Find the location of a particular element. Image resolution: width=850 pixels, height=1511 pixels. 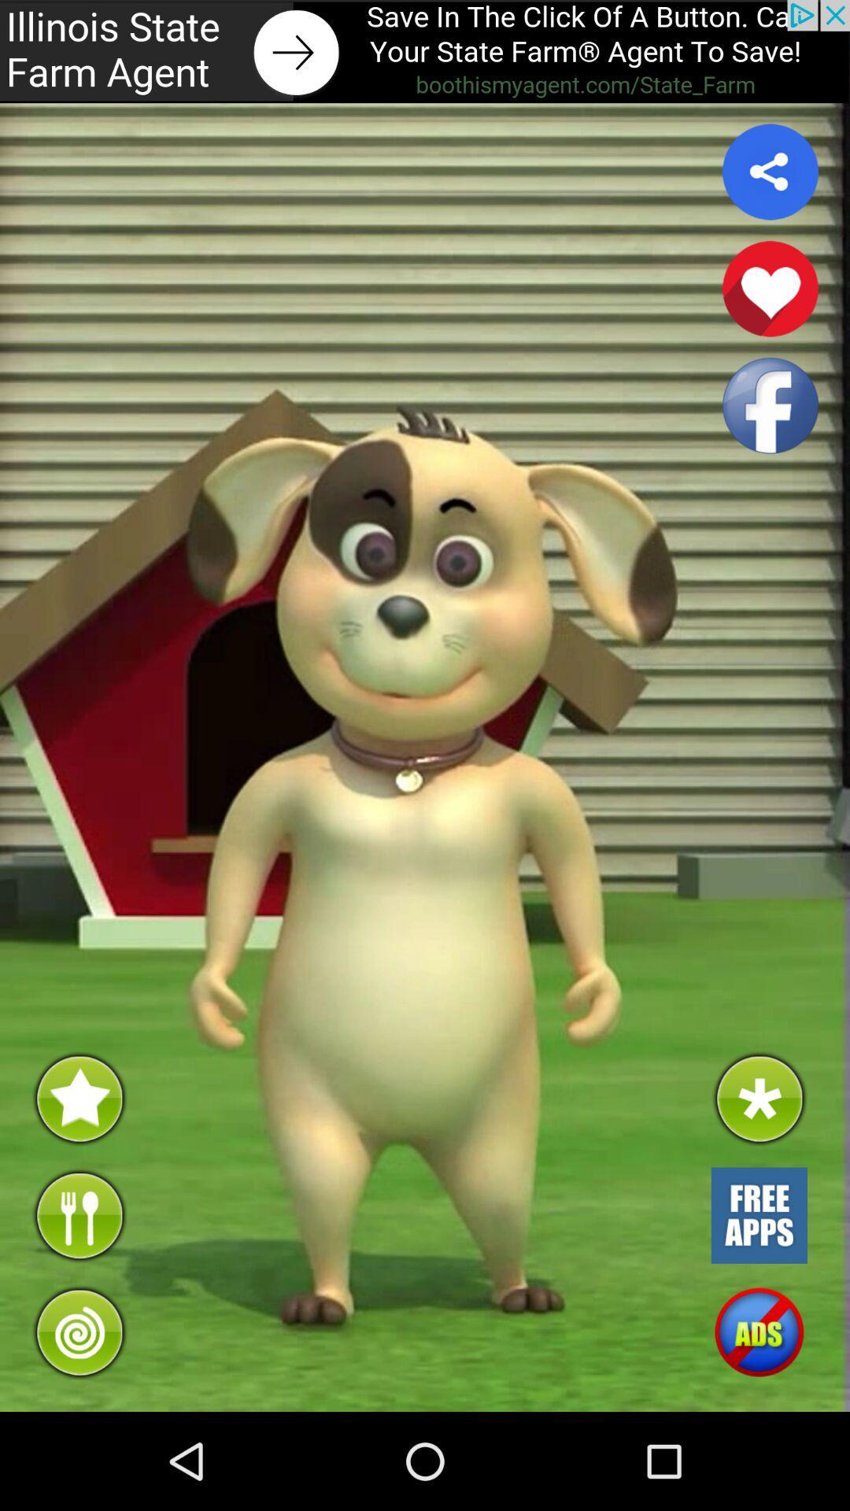

feed the pet is located at coordinates (79, 1214).